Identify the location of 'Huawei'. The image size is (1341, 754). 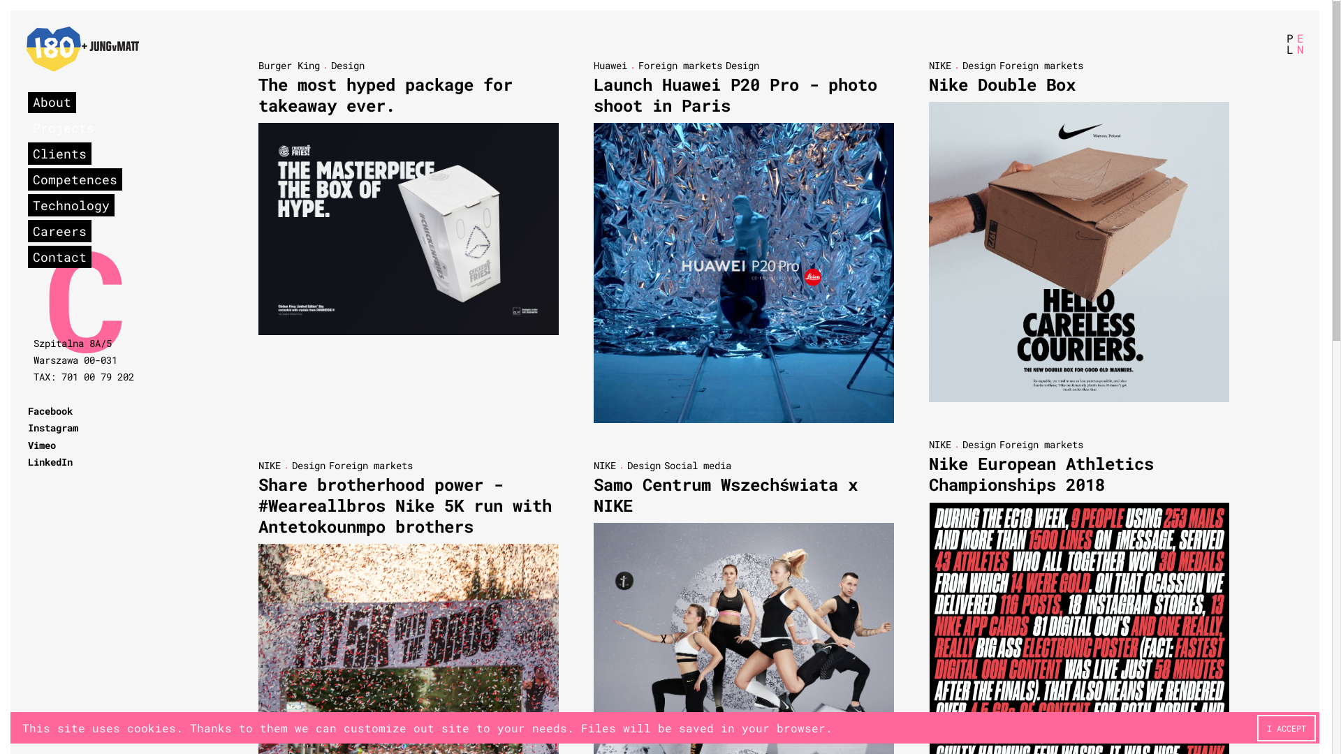
(610, 67).